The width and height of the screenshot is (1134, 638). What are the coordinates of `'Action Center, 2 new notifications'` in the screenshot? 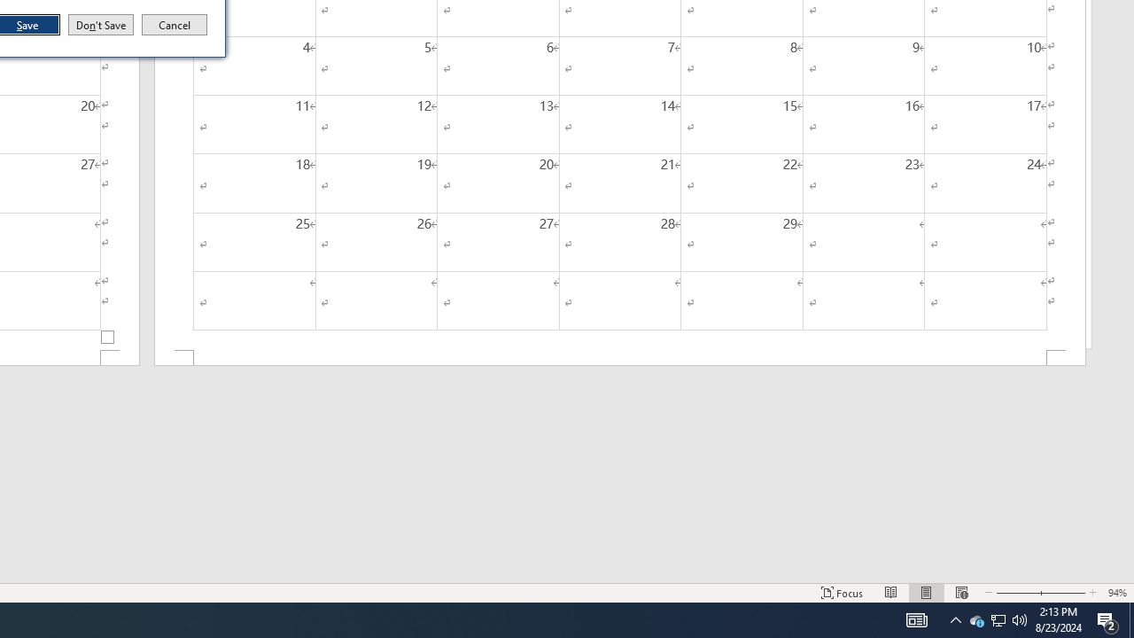 It's located at (1107, 619).